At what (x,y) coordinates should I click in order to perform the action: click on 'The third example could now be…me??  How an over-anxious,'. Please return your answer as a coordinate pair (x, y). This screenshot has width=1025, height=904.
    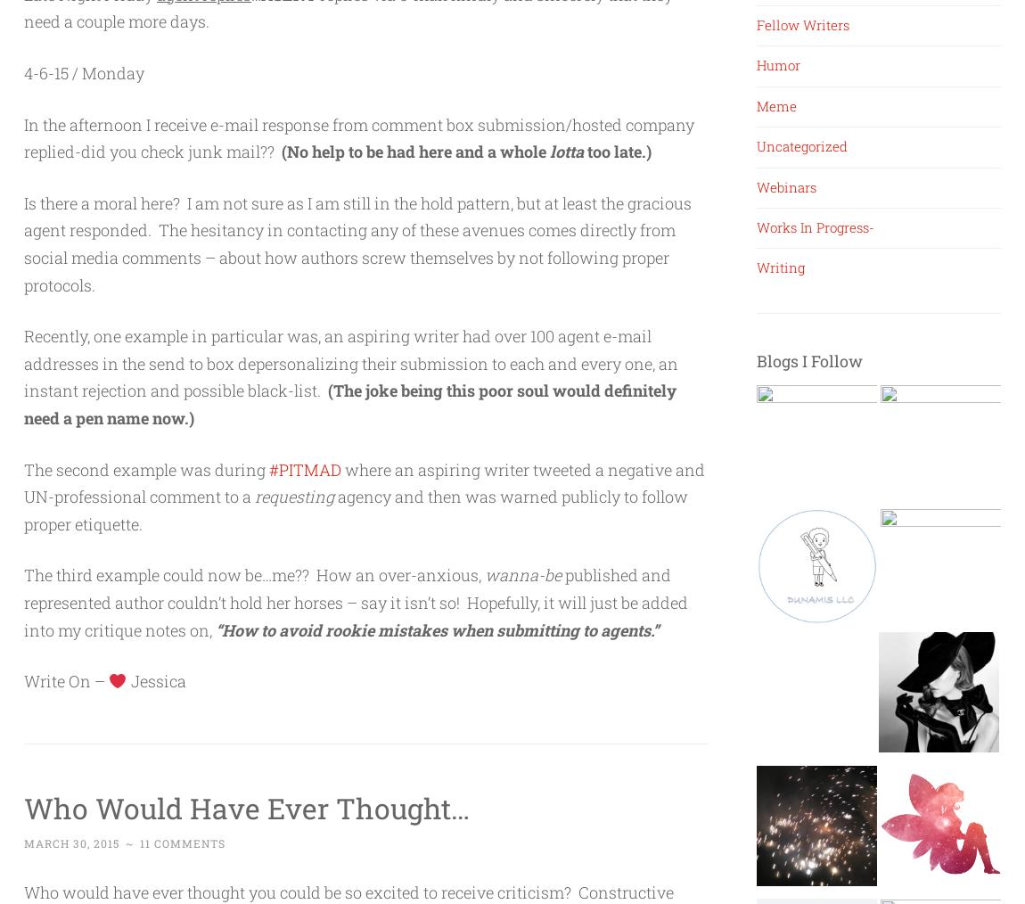
    Looking at the image, I should click on (253, 575).